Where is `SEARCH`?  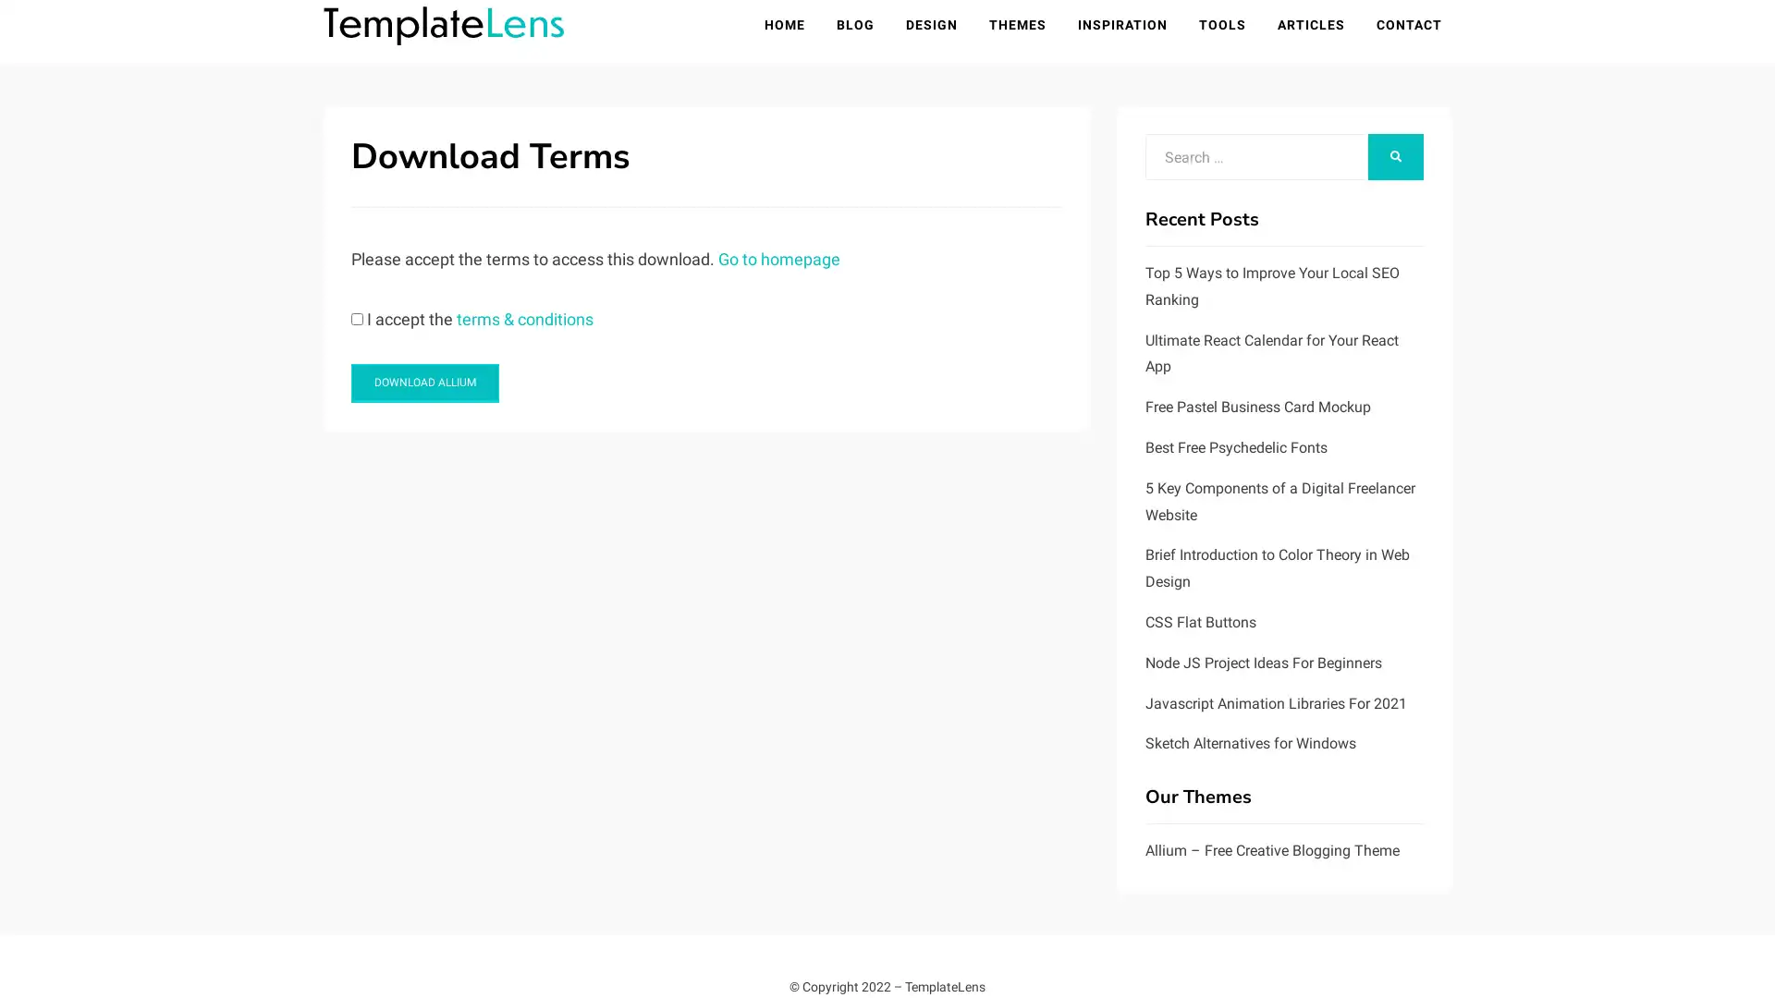 SEARCH is located at coordinates (1396, 158).